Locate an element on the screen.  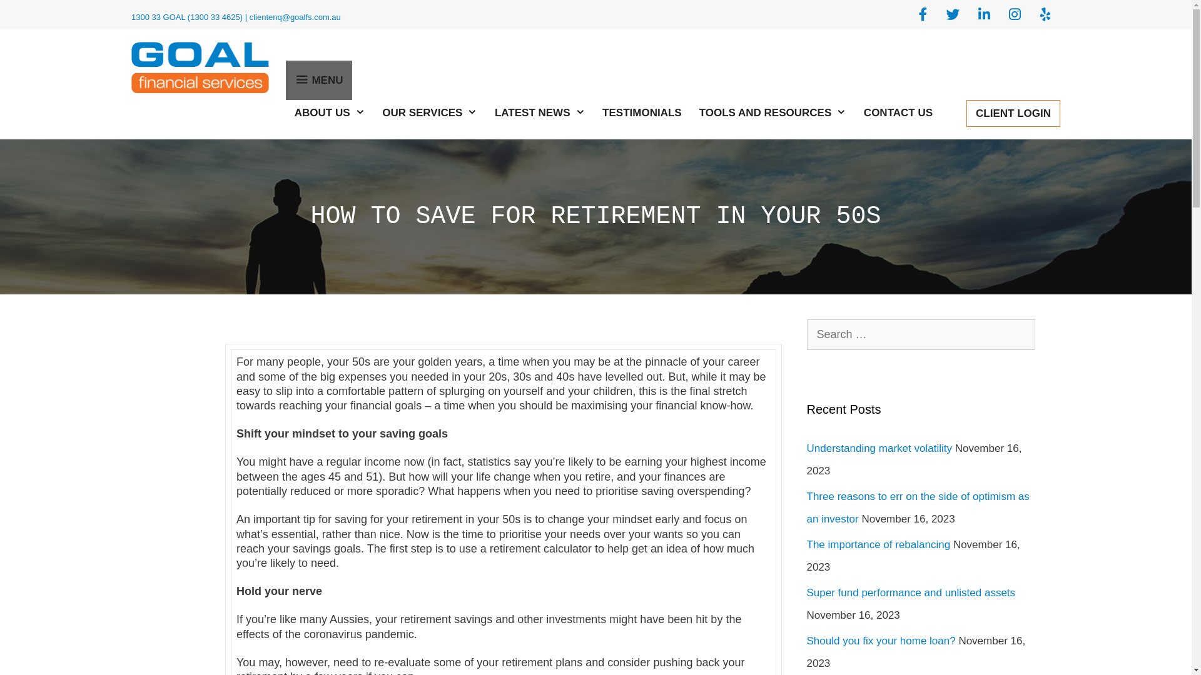
'OUR SERVICES' is located at coordinates (429, 112).